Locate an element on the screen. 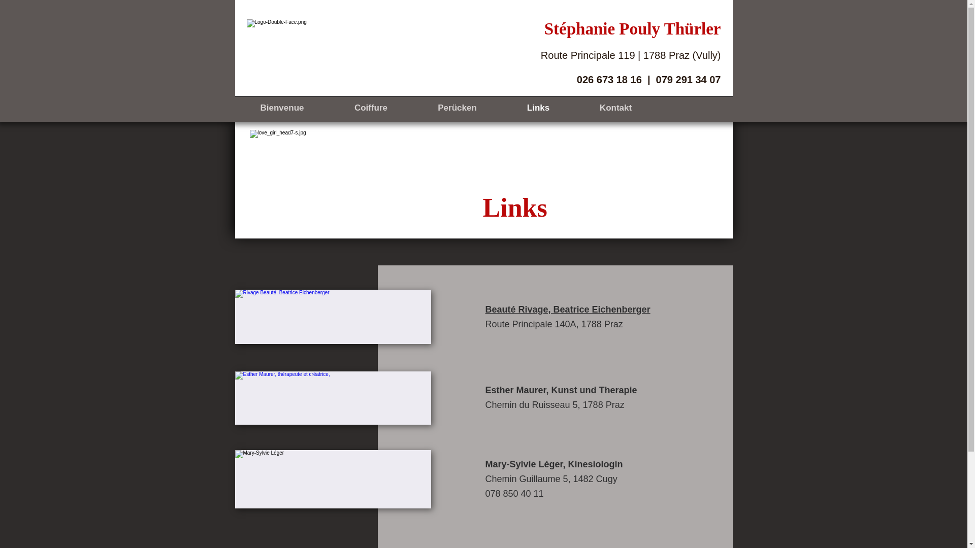  'Esther Maurer, K' is located at coordinates (522, 389).